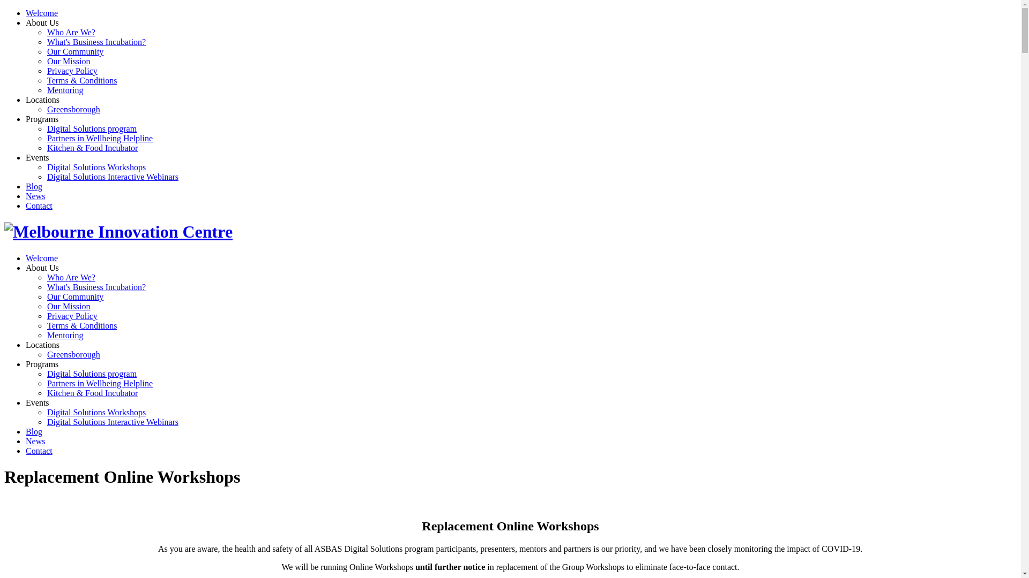  I want to click on 'Our Community', so click(74, 51).